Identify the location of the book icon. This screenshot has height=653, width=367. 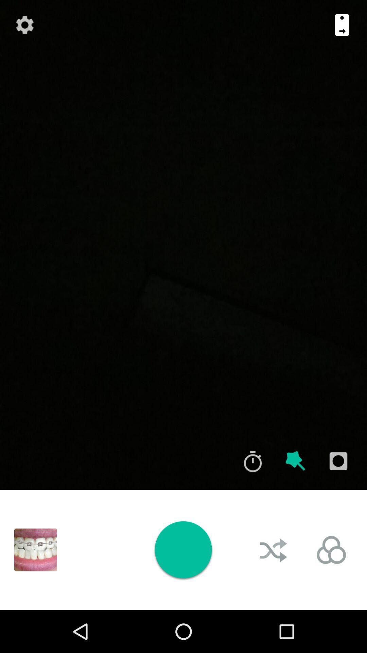
(342, 27).